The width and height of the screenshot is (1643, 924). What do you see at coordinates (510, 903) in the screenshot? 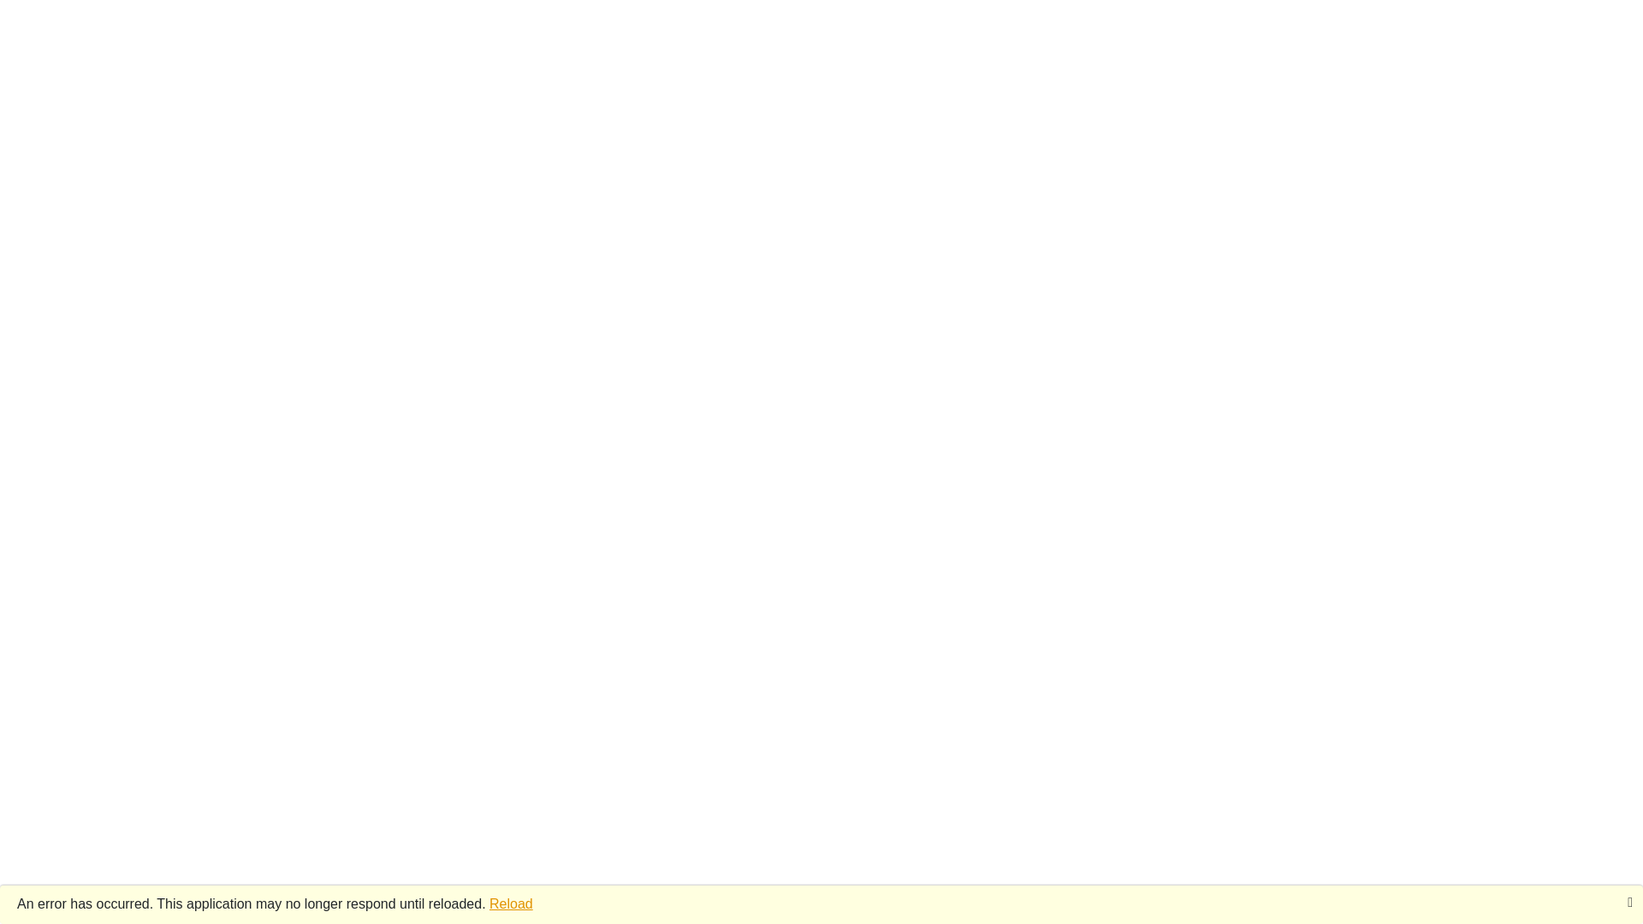
I see `'Reload'` at bounding box center [510, 903].